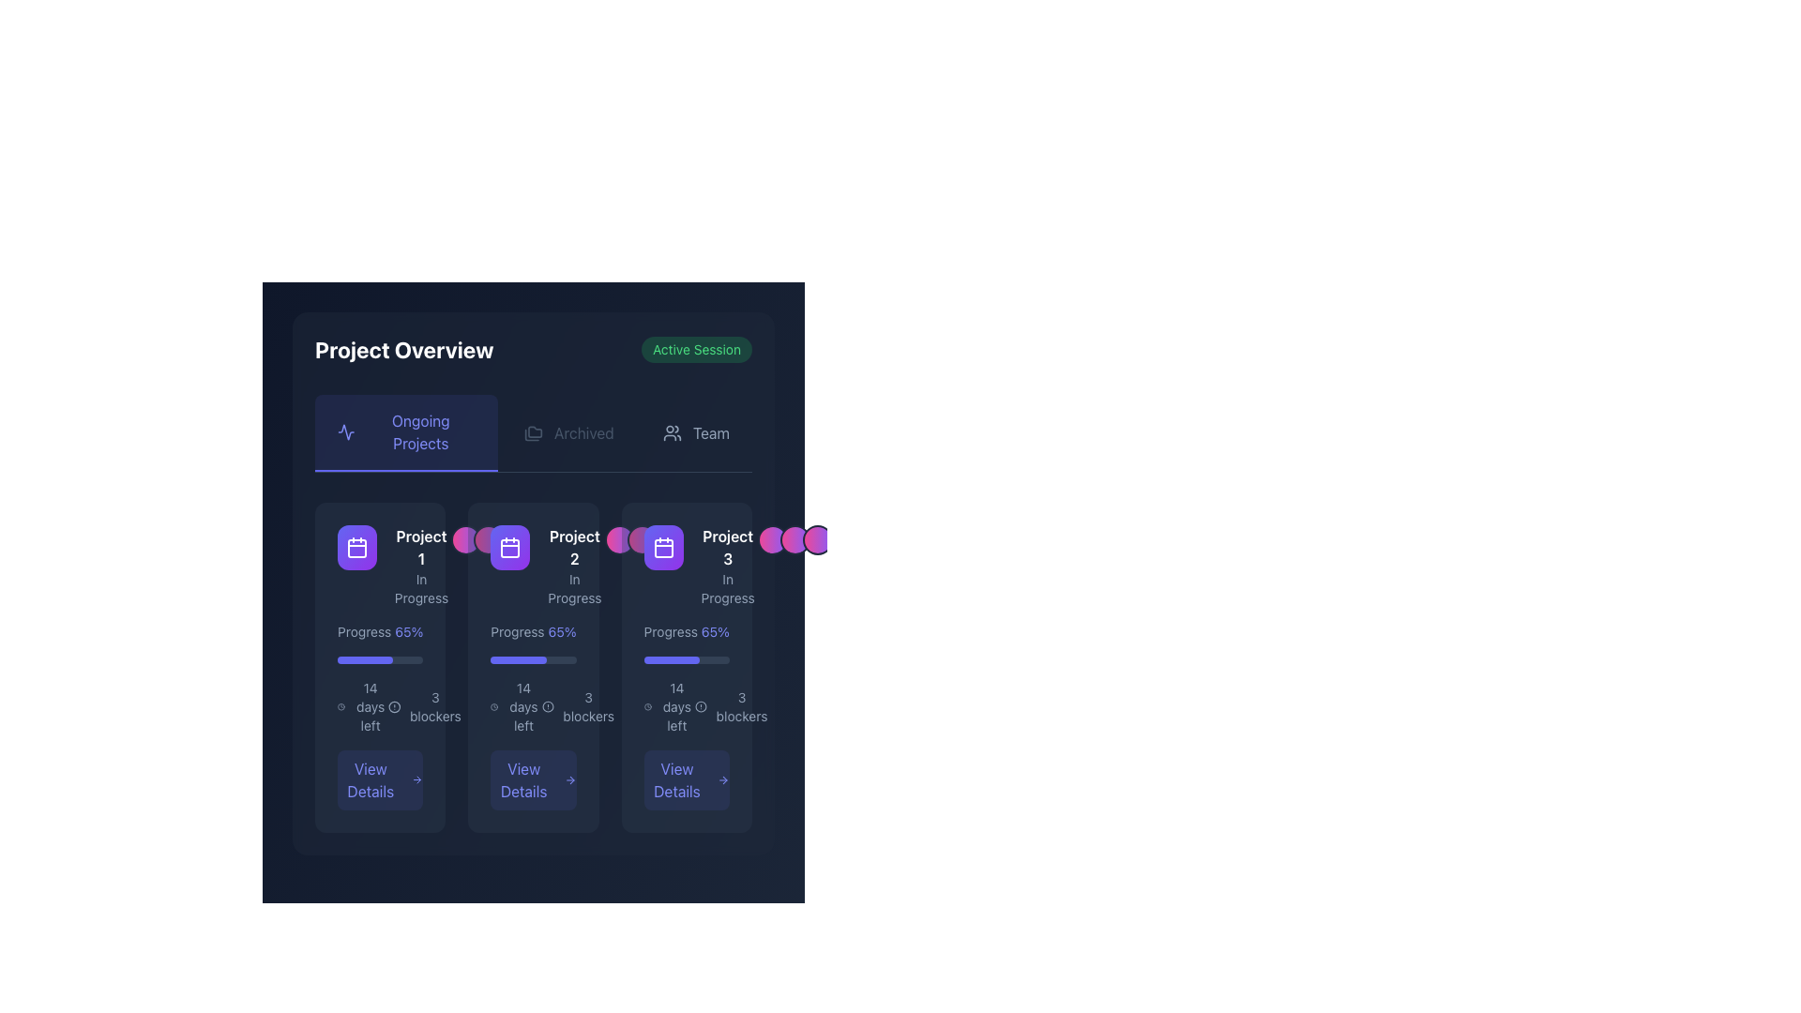 The image size is (1801, 1013). I want to click on the calendar icon located within the 'Project 2' card in the 'Ongoing Projects' section, so click(510, 547).